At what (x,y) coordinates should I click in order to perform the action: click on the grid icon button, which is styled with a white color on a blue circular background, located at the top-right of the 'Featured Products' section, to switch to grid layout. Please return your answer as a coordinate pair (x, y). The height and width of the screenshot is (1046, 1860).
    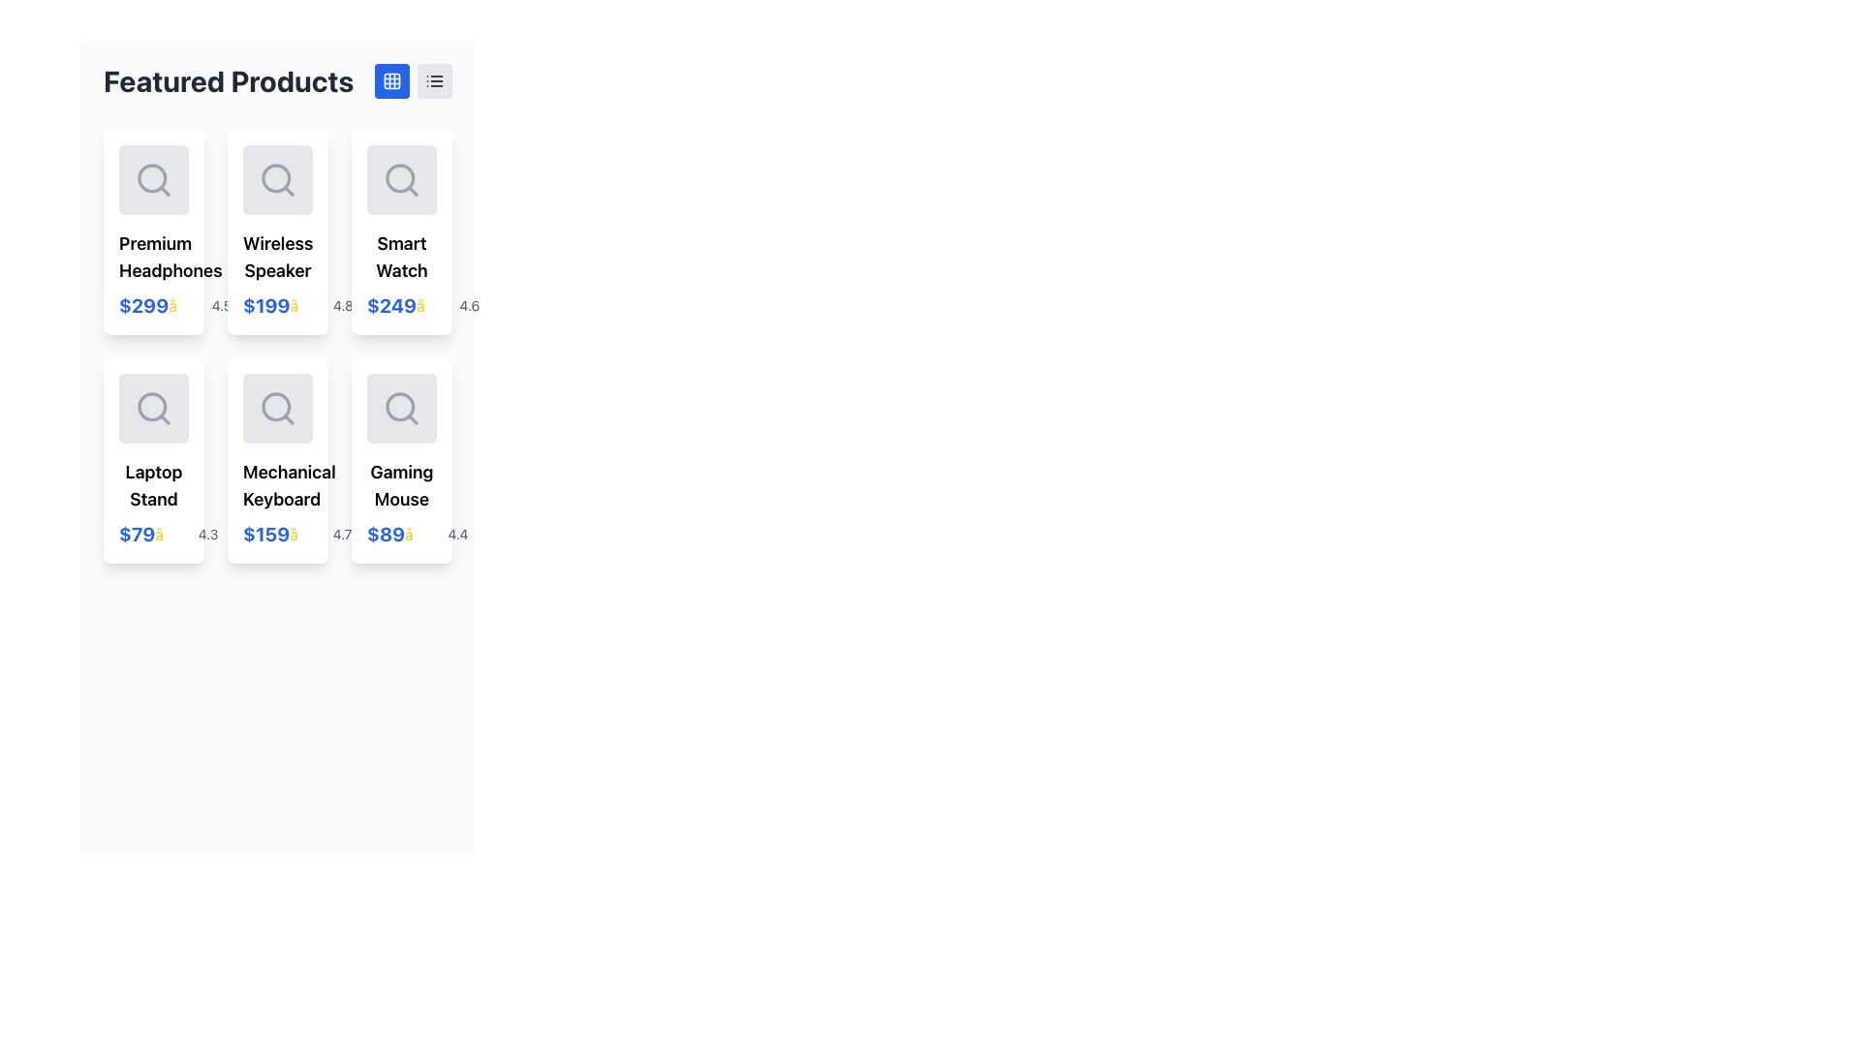
    Looking at the image, I should click on (390, 80).